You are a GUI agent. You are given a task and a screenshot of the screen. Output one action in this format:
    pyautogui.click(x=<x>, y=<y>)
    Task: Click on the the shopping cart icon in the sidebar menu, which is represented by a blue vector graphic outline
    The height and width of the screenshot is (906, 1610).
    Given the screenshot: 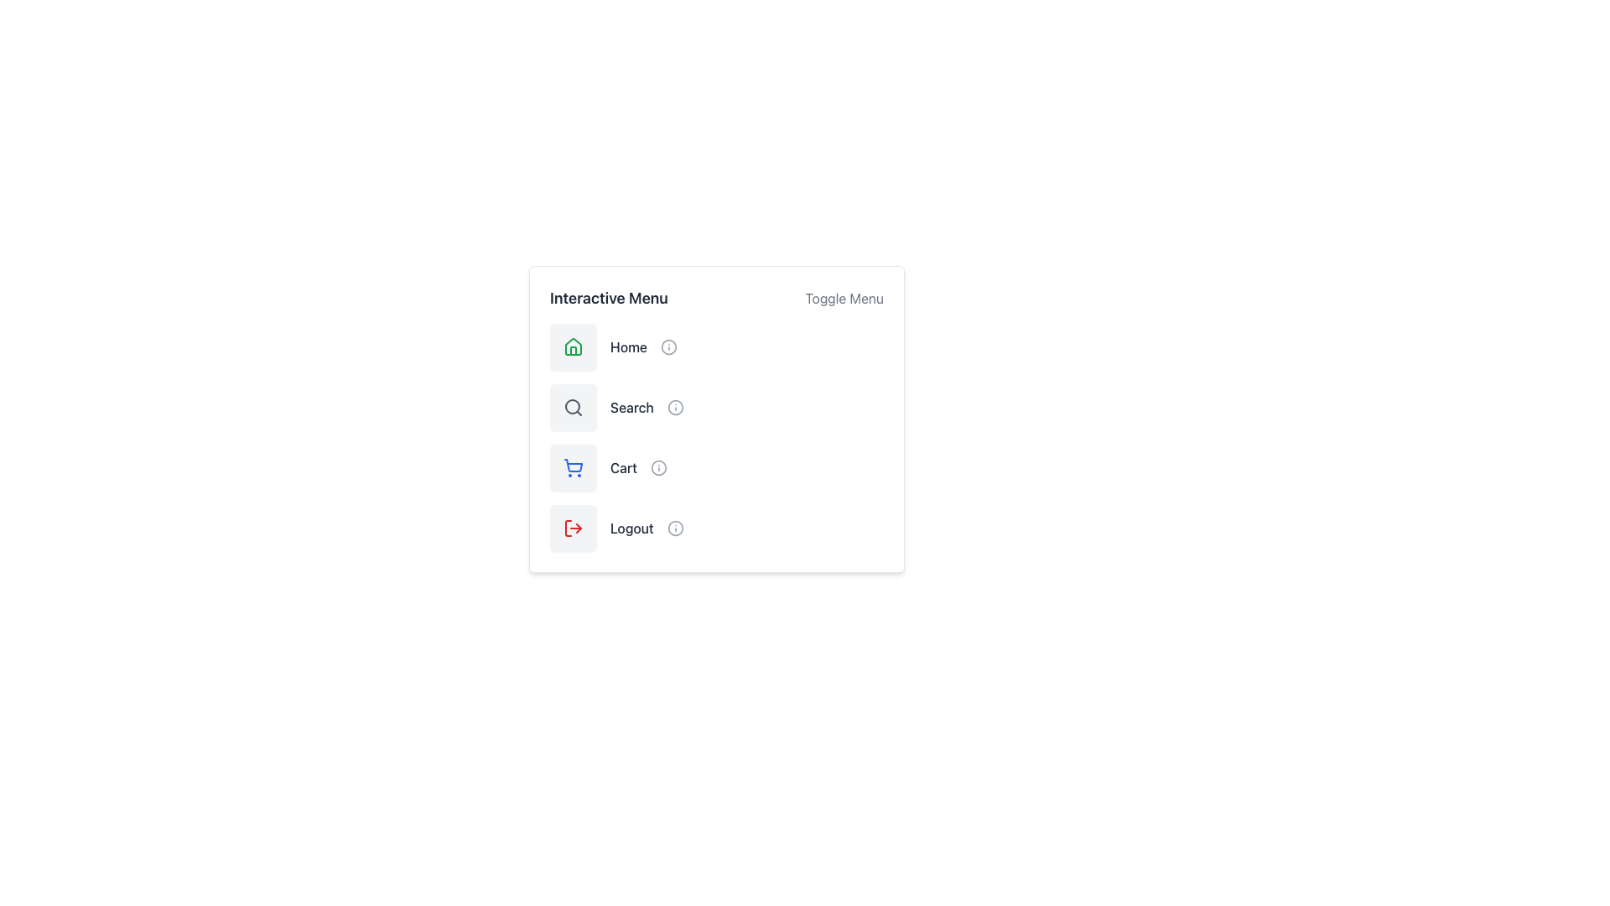 What is the action you would take?
    pyautogui.click(x=574, y=466)
    